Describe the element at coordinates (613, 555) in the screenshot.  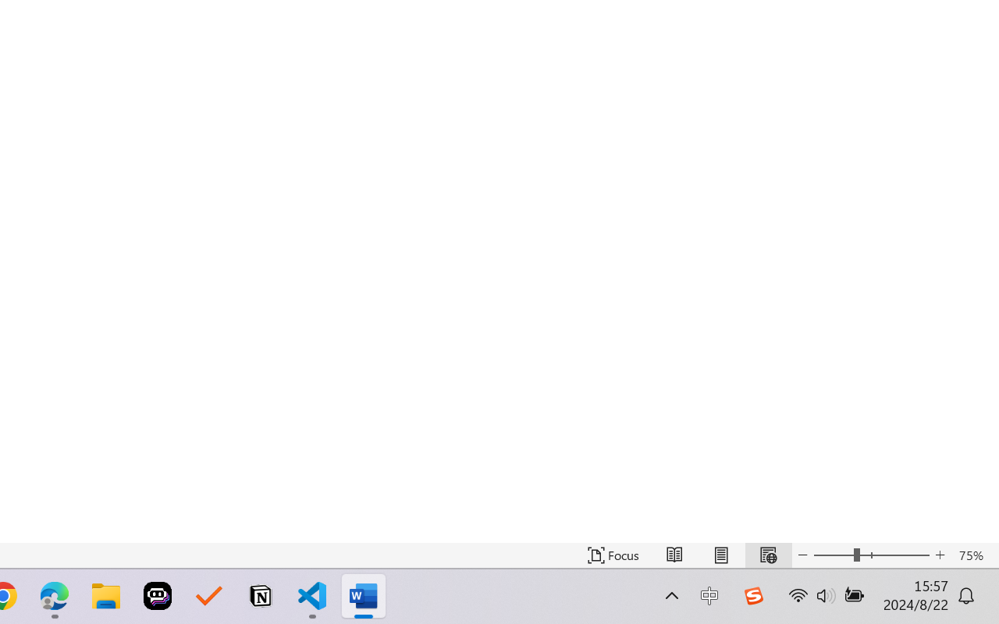
I see `'Focus '` at that location.